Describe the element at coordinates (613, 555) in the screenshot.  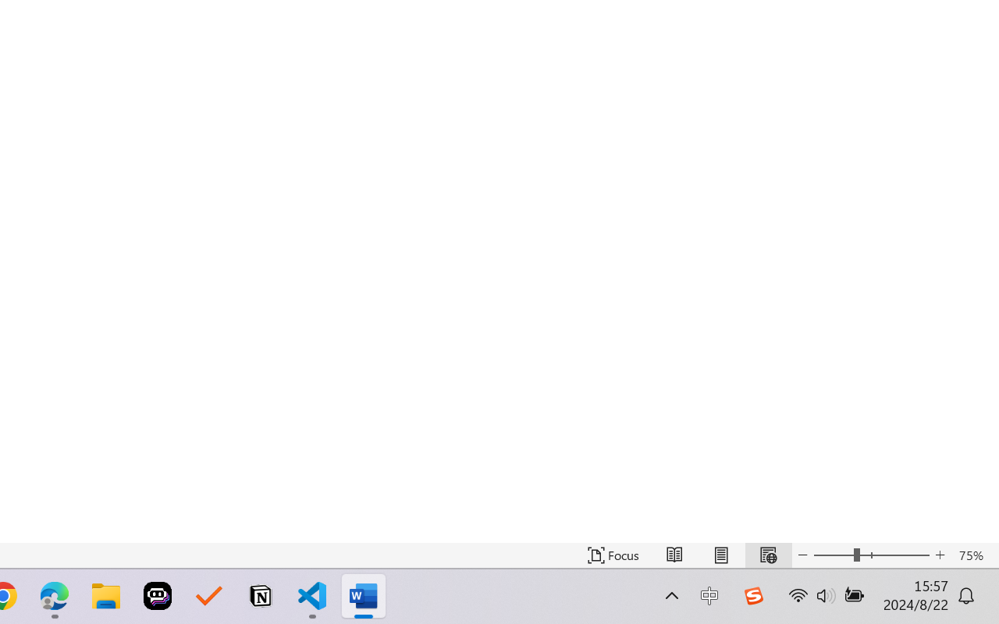
I see `'Focus '` at that location.